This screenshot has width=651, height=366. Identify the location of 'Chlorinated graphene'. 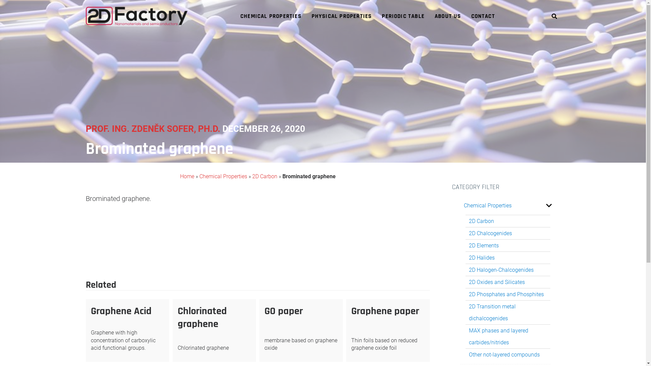
(202, 318).